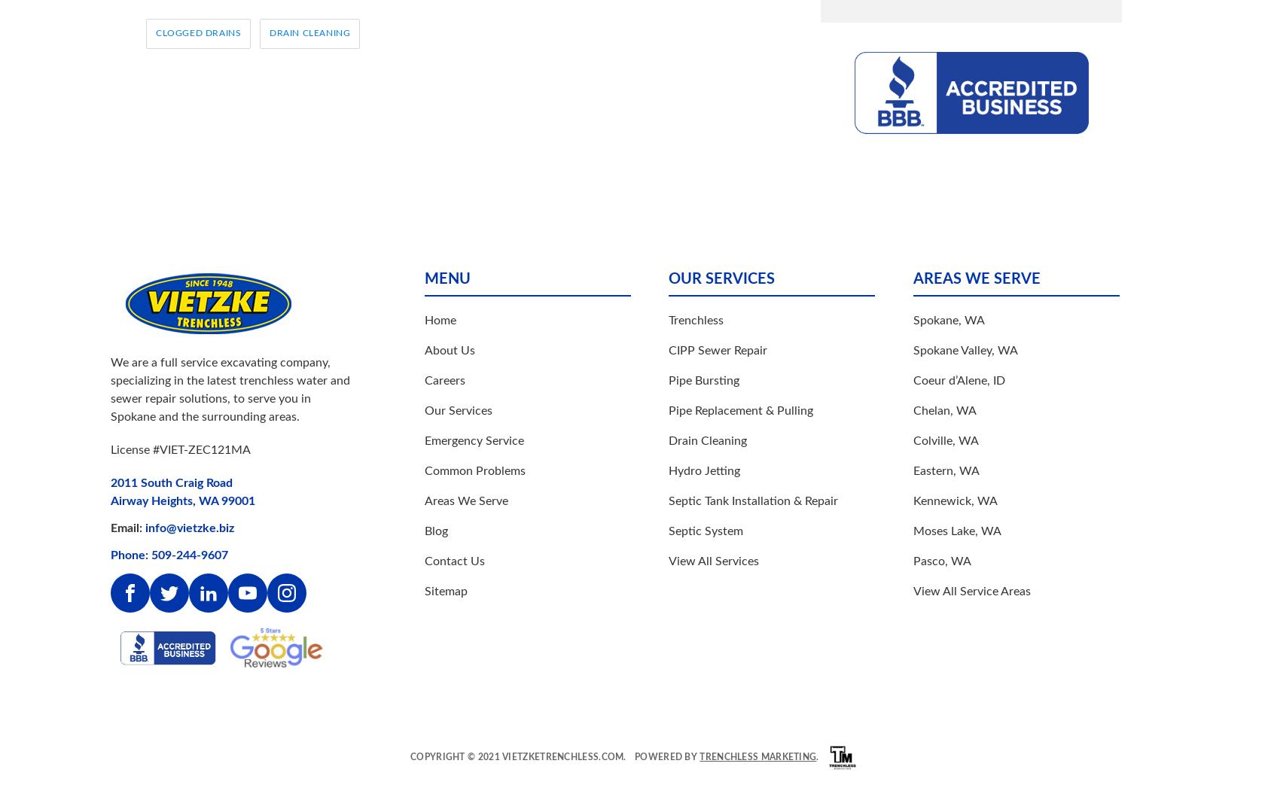 This screenshot has width=1268, height=794. Describe the element at coordinates (667, 530) in the screenshot. I see `'Septic System'` at that location.